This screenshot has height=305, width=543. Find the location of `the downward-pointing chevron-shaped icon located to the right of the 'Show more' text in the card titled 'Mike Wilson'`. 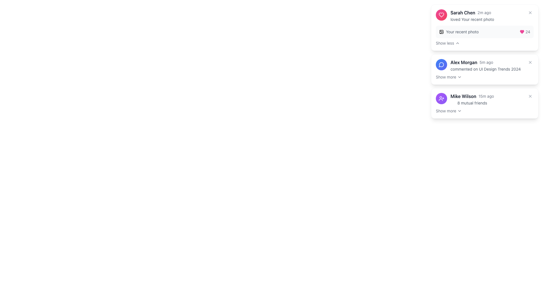

the downward-pointing chevron-shaped icon located to the right of the 'Show more' text in the card titled 'Mike Wilson' is located at coordinates (460, 111).